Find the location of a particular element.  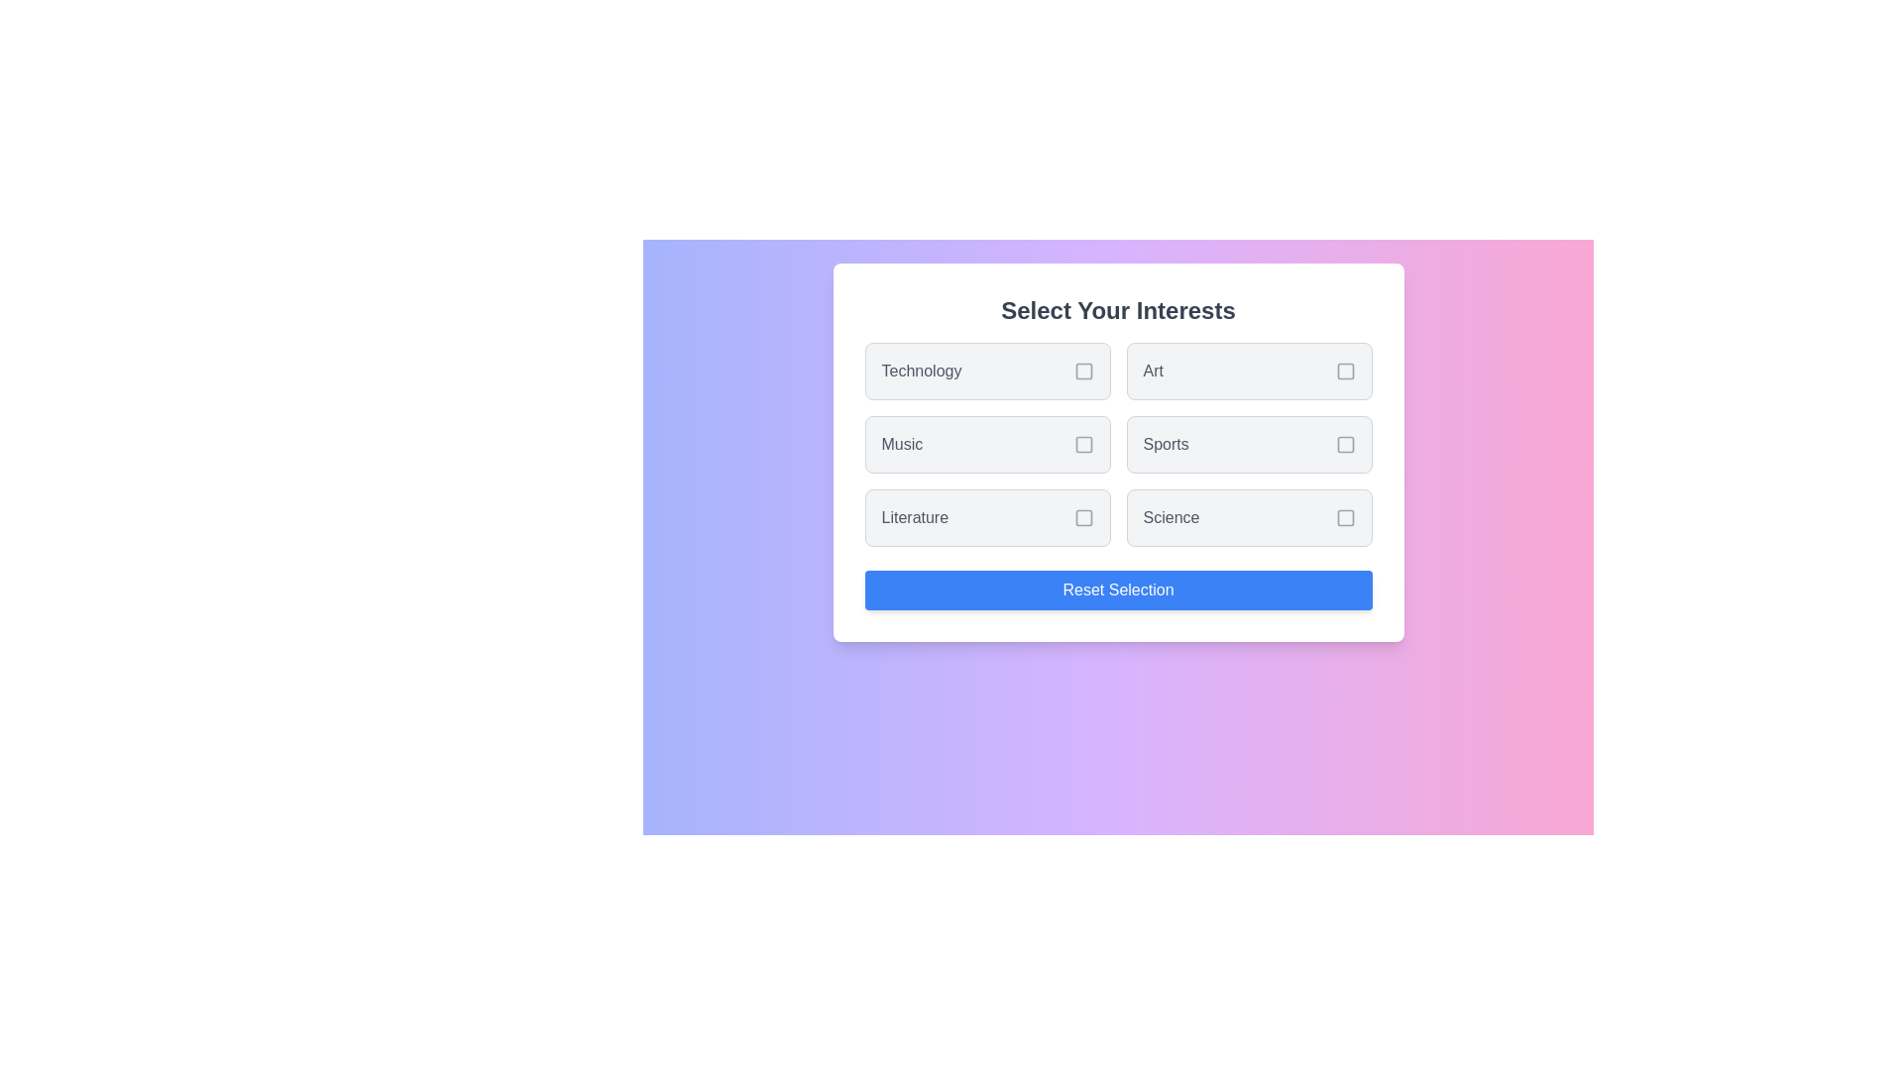

the interest item labeled Sports is located at coordinates (1248, 443).